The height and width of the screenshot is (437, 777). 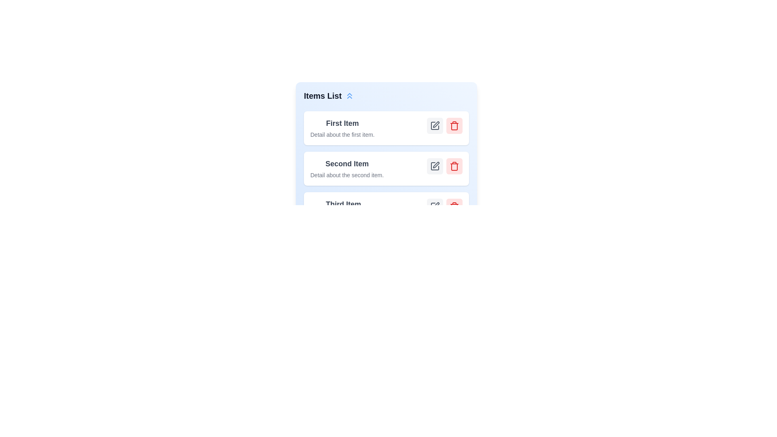 I want to click on the decorative icon in the heading to observe its details, so click(x=350, y=95).